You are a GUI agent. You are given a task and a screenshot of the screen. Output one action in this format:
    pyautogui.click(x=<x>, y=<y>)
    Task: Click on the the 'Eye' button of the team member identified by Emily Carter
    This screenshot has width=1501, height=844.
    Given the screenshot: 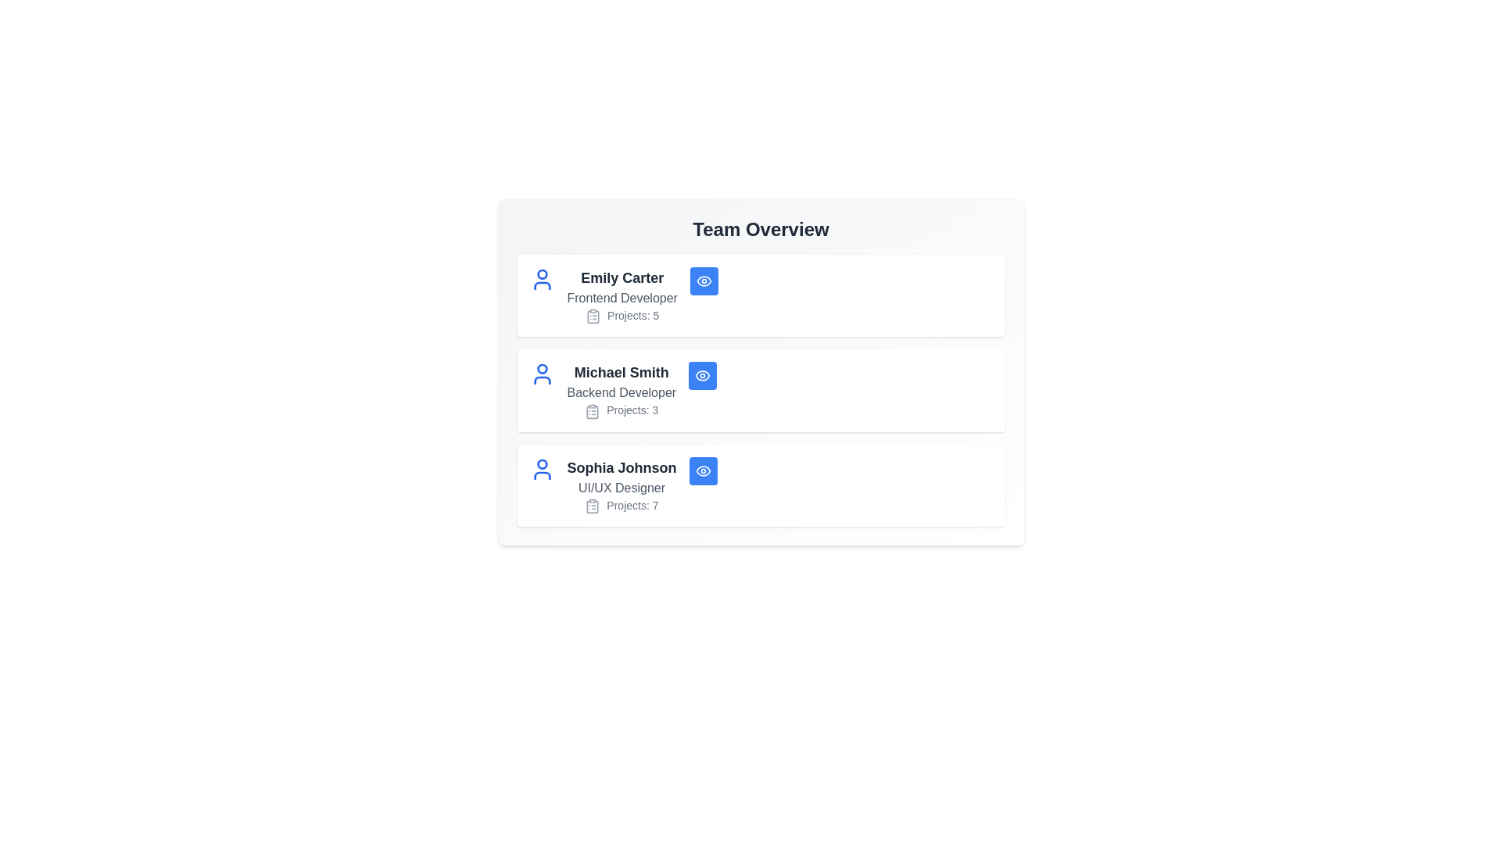 What is the action you would take?
    pyautogui.click(x=703, y=280)
    